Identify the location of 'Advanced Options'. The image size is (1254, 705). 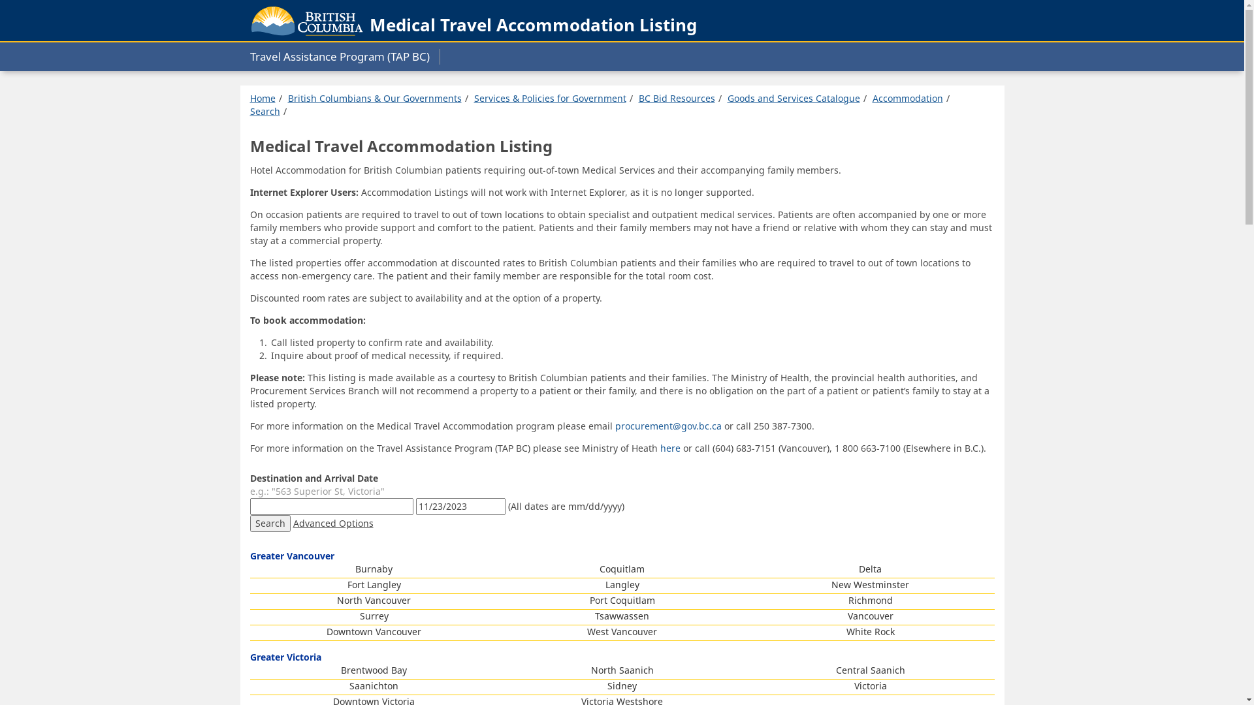
(332, 522).